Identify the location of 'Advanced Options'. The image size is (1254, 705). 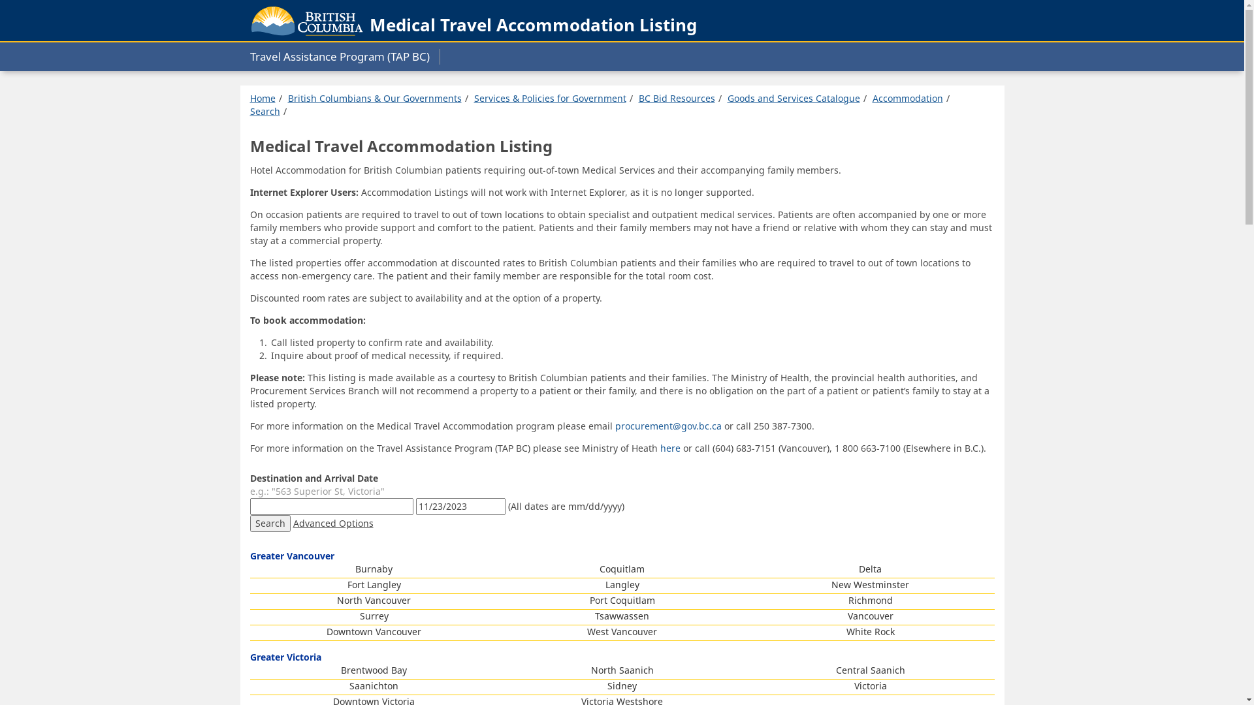
(332, 522).